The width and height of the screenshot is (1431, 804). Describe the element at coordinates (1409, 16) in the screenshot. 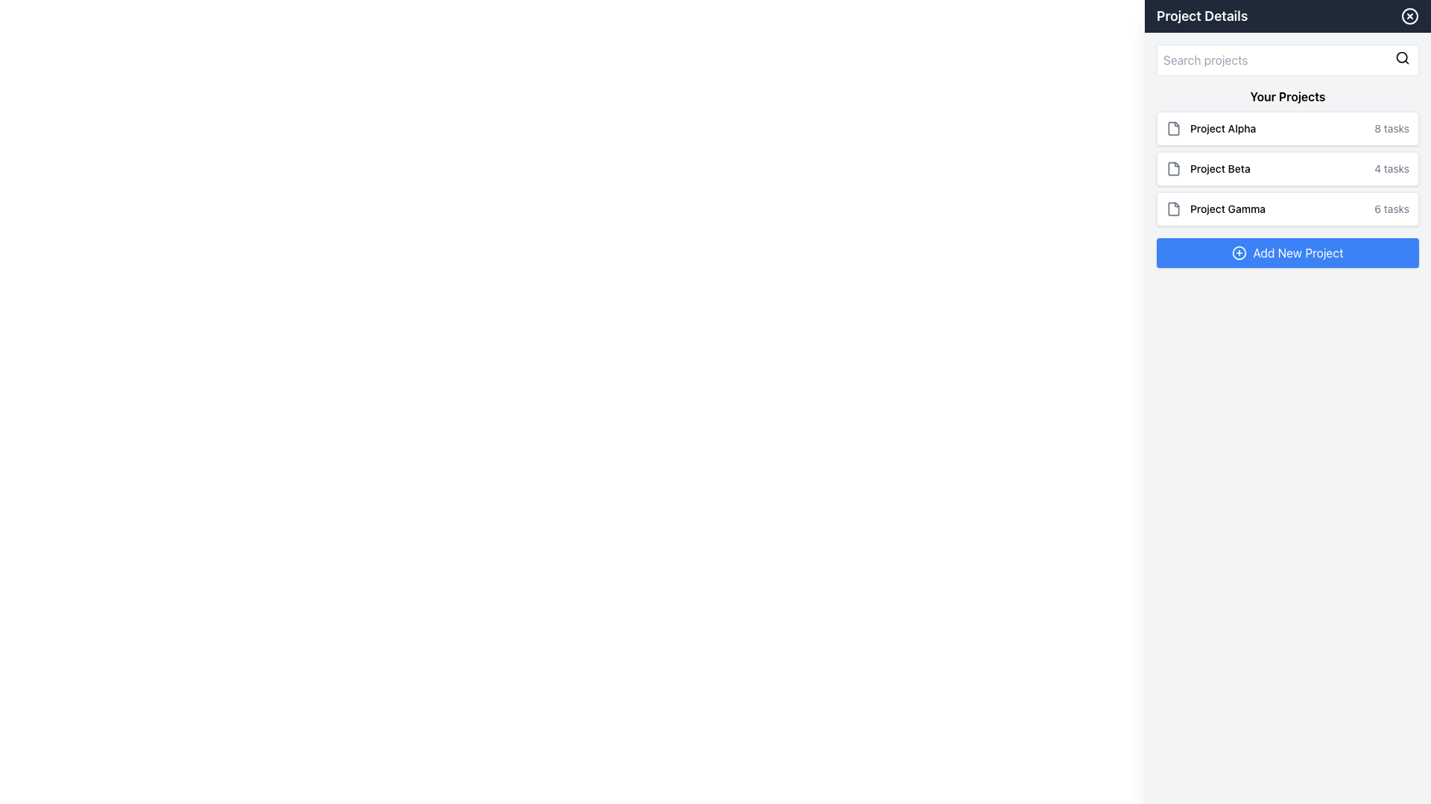

I see `the graphical vector circle, which is part of the crossed circle icon representing a close function, located in the top-right corner of the 'Project Details' header` at that location.